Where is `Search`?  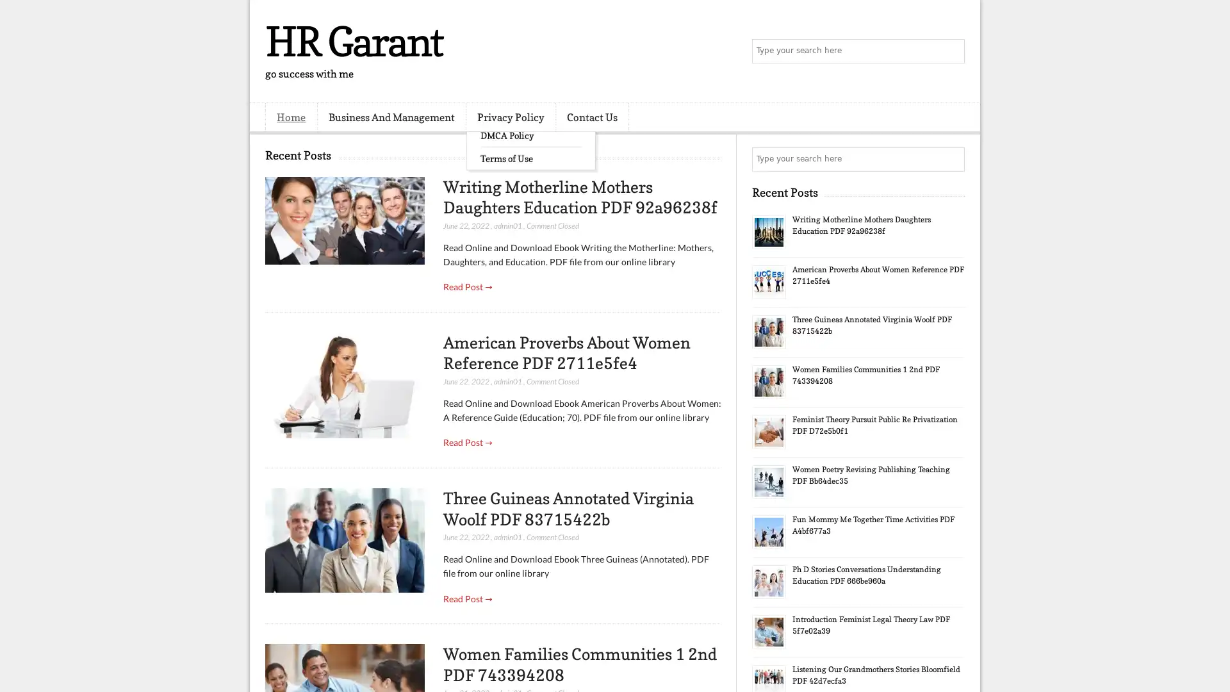
Search is located at coordinates (951, 159).